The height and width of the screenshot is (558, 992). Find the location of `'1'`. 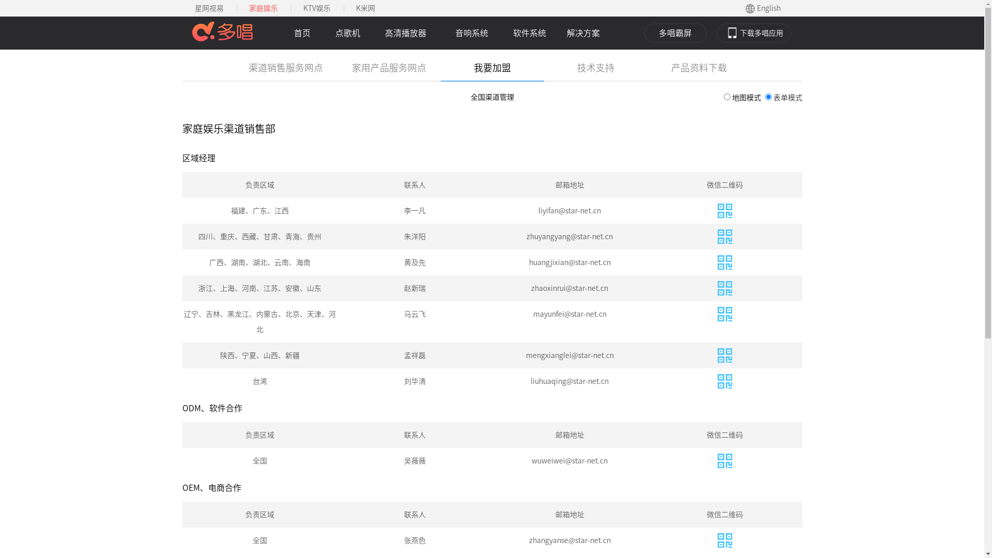

'1' is located at coordinates (723, 97).